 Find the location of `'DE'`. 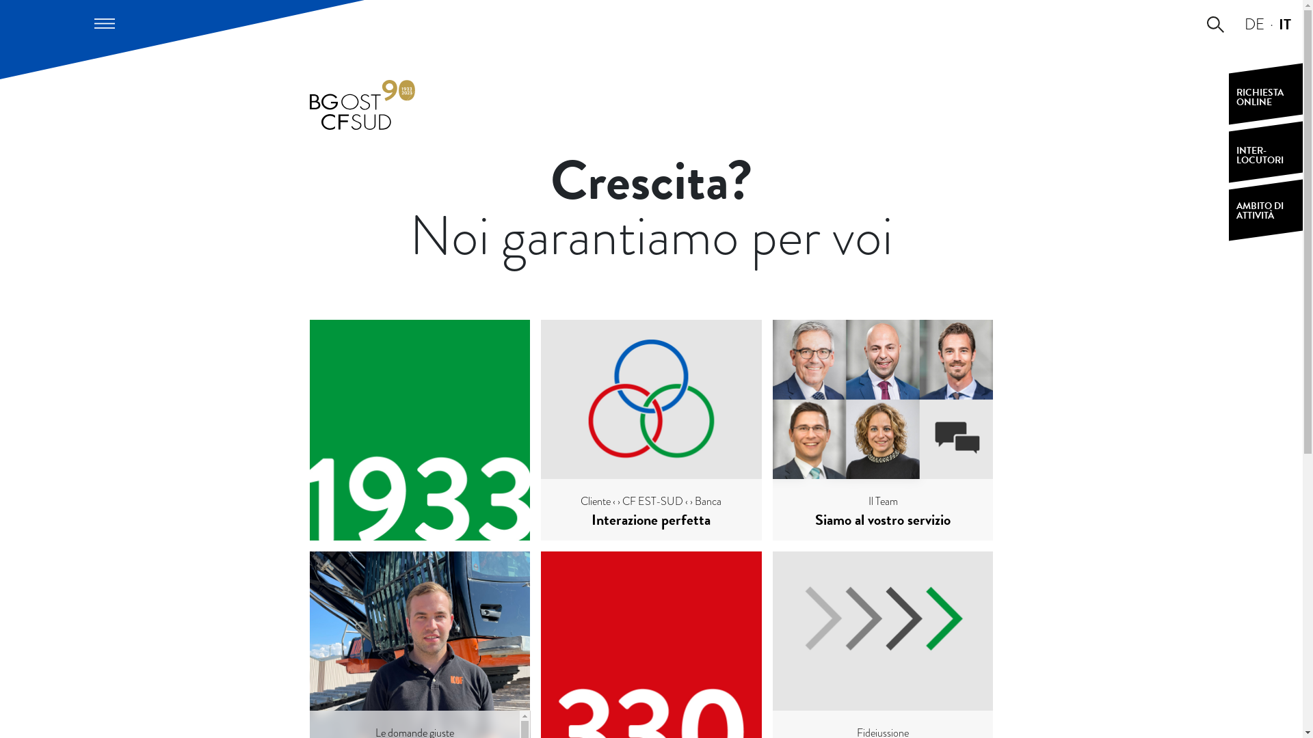

'DE' is located at coordinates (1254, 23).